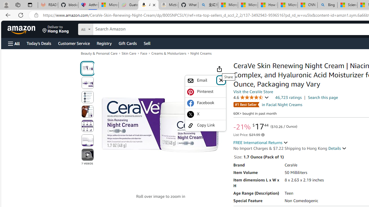  Describe the element at coordinates (205, 80) in the screenshot. I see `'Email'` at that location.